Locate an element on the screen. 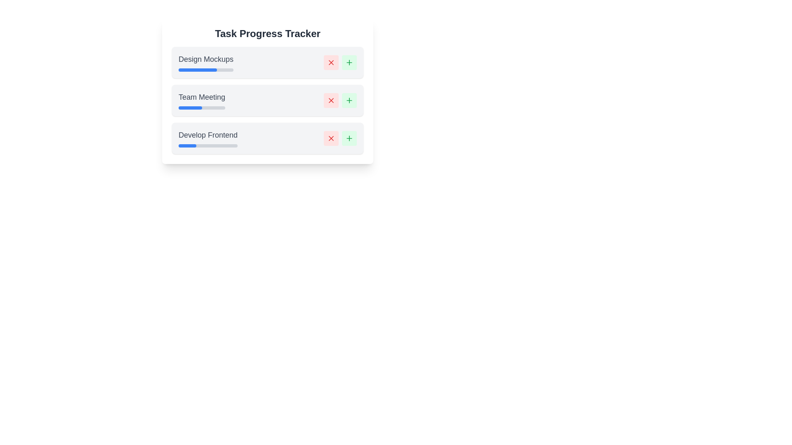  the plus button for the task Team Meeting to adjust its progress is located at coordinates (349, 100).